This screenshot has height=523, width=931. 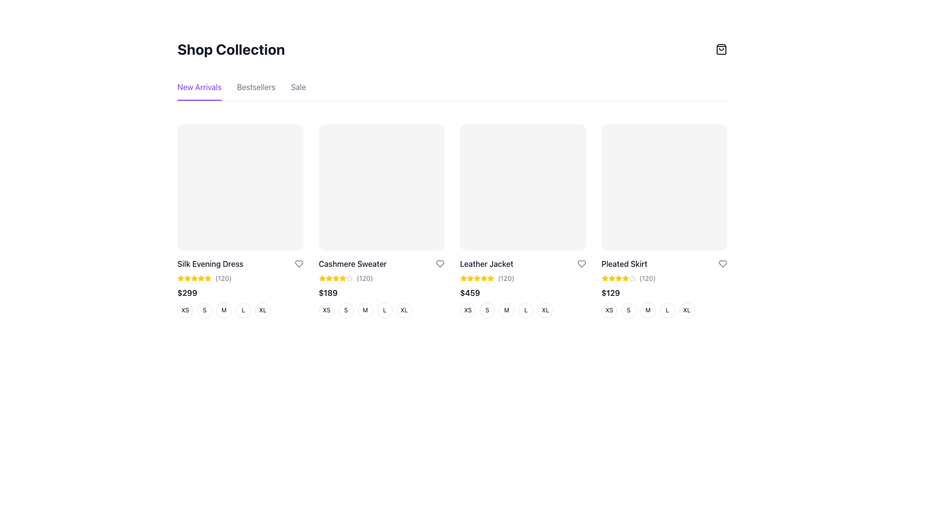 What do you see at coordinates (525, 310) in the screenshot?
I see `the circular button with a white background and a bold 'L' character for accessibility navigation` at bounding box center [525, 310].